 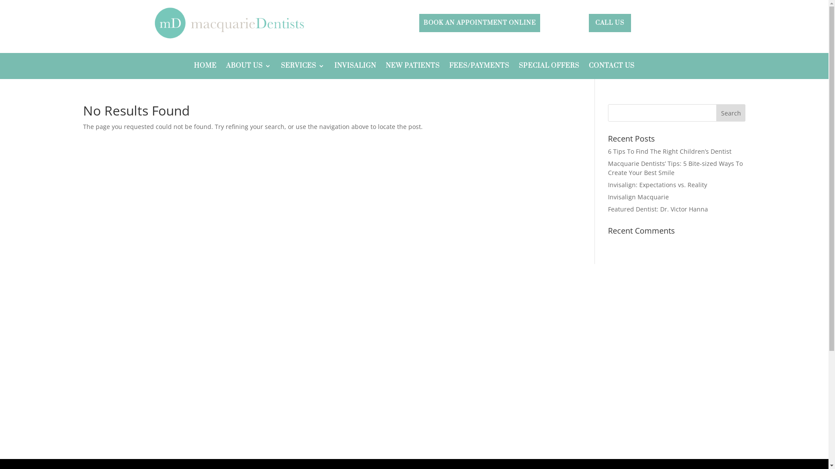 I want to click on 'HOME', so click(x=204, y=67).